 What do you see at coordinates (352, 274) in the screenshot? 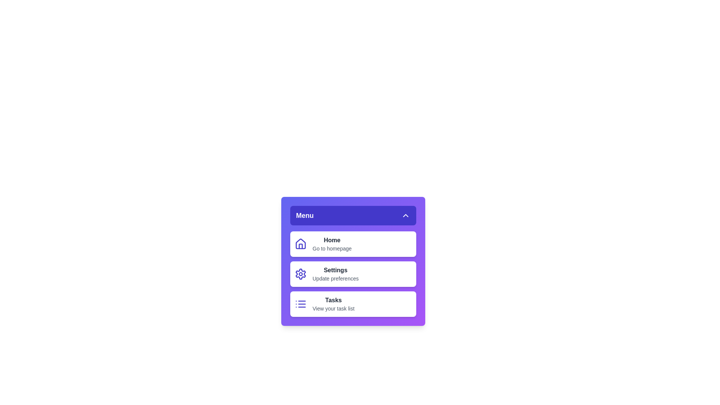
I see `the 'Settings' menu item to select it` at bounding box center [352, 274].